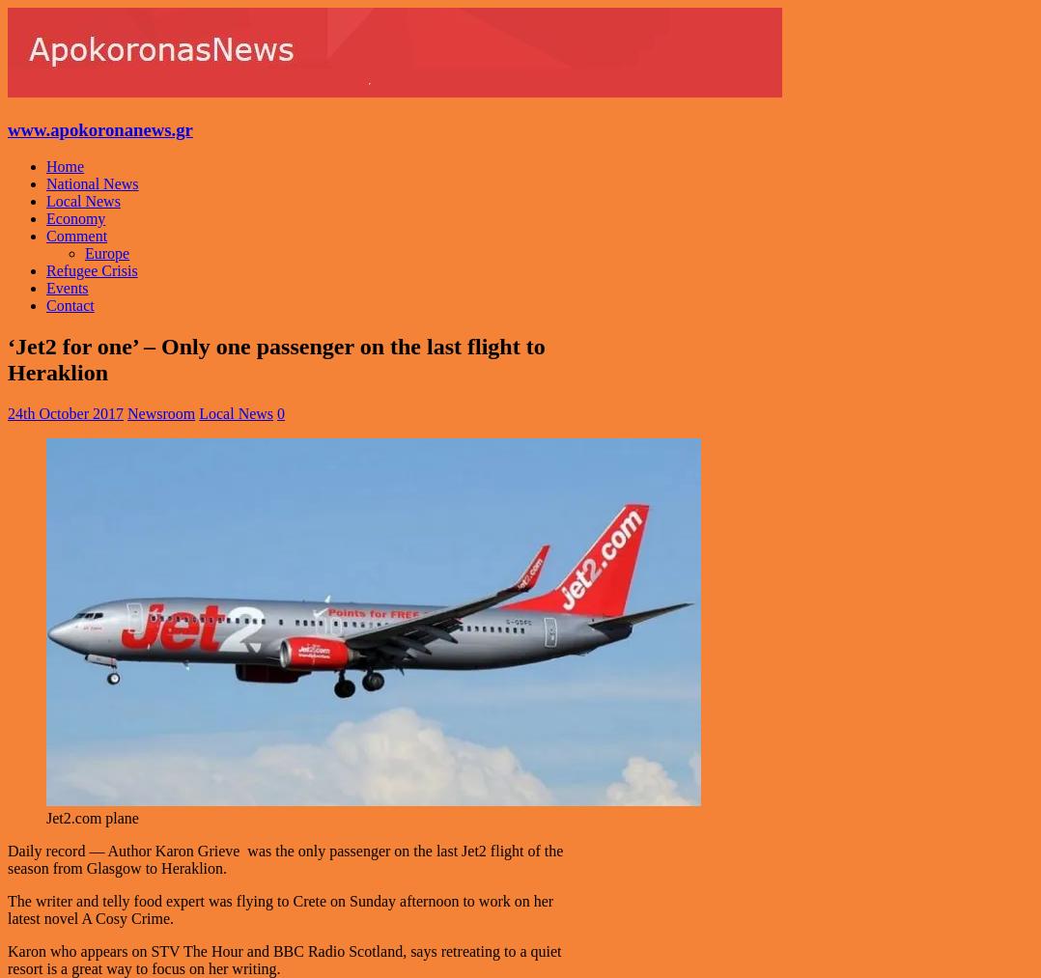 This screenshot has height=978, width=1041. I want to click on 'National News', so click(91, 183).